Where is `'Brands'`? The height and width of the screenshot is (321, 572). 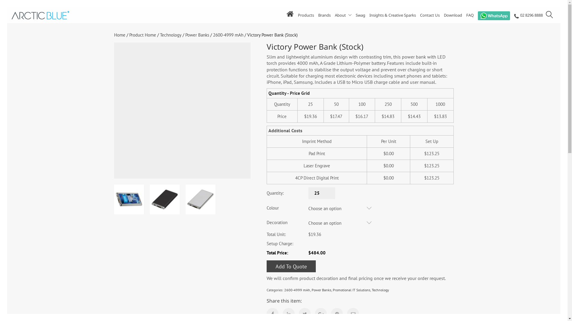 'Brands' is located at coordinates (324, 15).